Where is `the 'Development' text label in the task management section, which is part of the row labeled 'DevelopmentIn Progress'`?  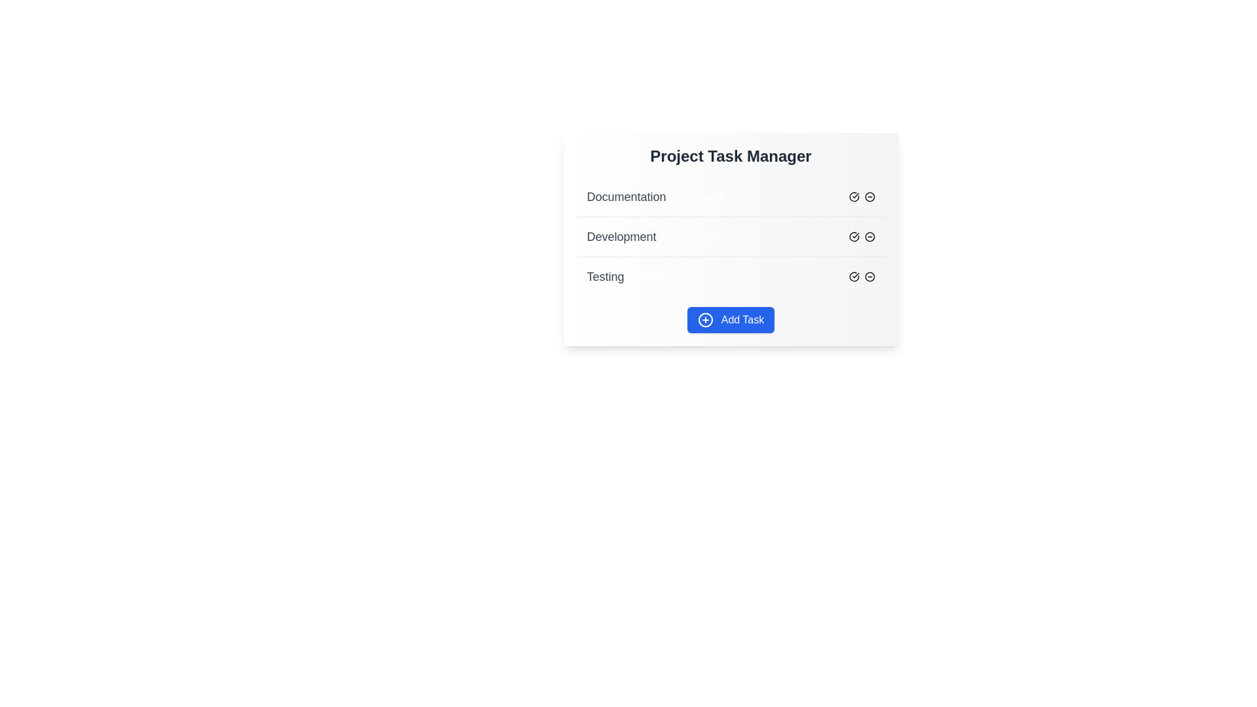 the 'Development' text label in the task management section, which is part of the row labeled 'DevelopmentIn Progress' is located at coordinates (621, 237).